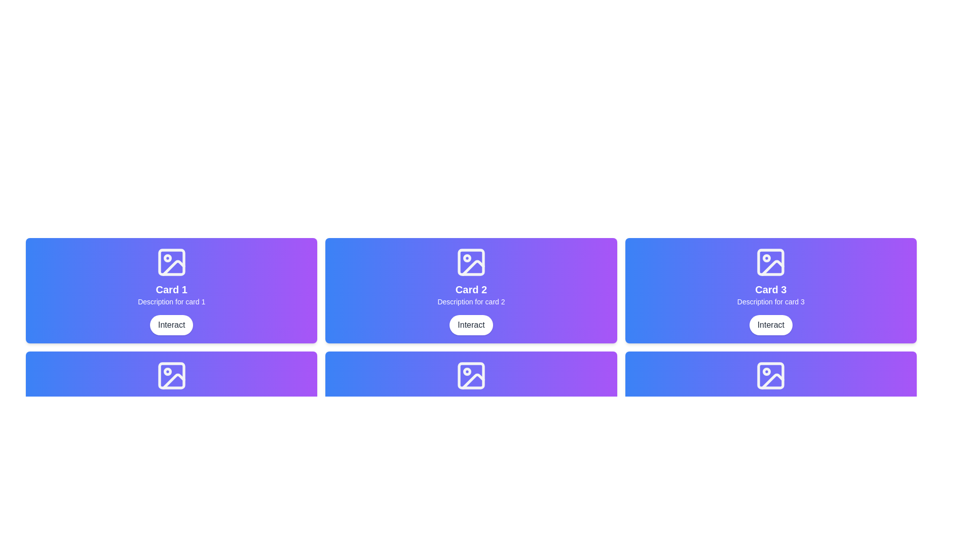 The height and width of the screenshot is (547, 973). Describe the element at coordinates (770, 289) in the screenshot. I see `the title/header text for 'Card 3', which is located at the top-center of the card, visually distinguishing it from other cards` at that location.